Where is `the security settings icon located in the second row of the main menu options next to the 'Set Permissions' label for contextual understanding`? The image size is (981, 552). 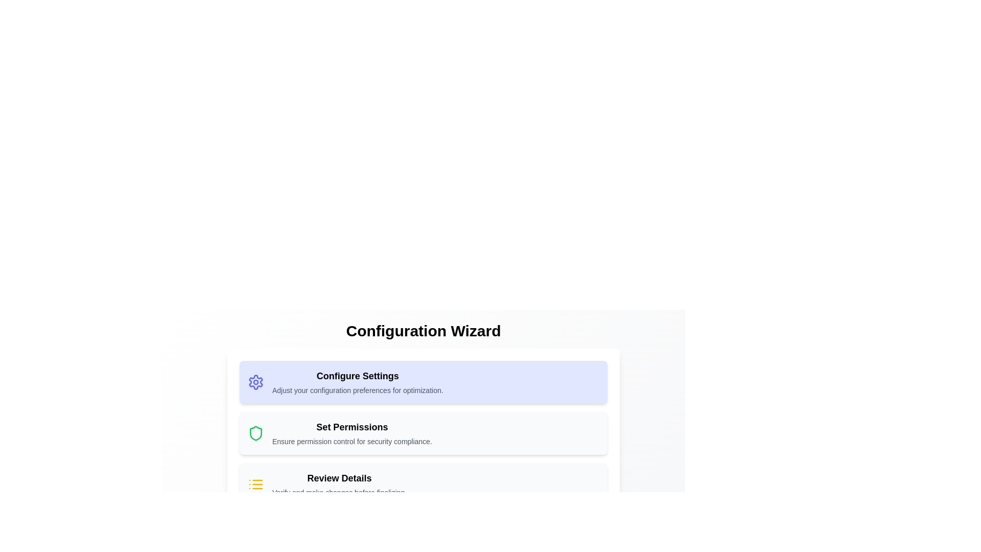 the security settings icon located in the second row of the main menu options next to the 'Set Permissions' label for contextual understanding is located at coordinates (255, 433).